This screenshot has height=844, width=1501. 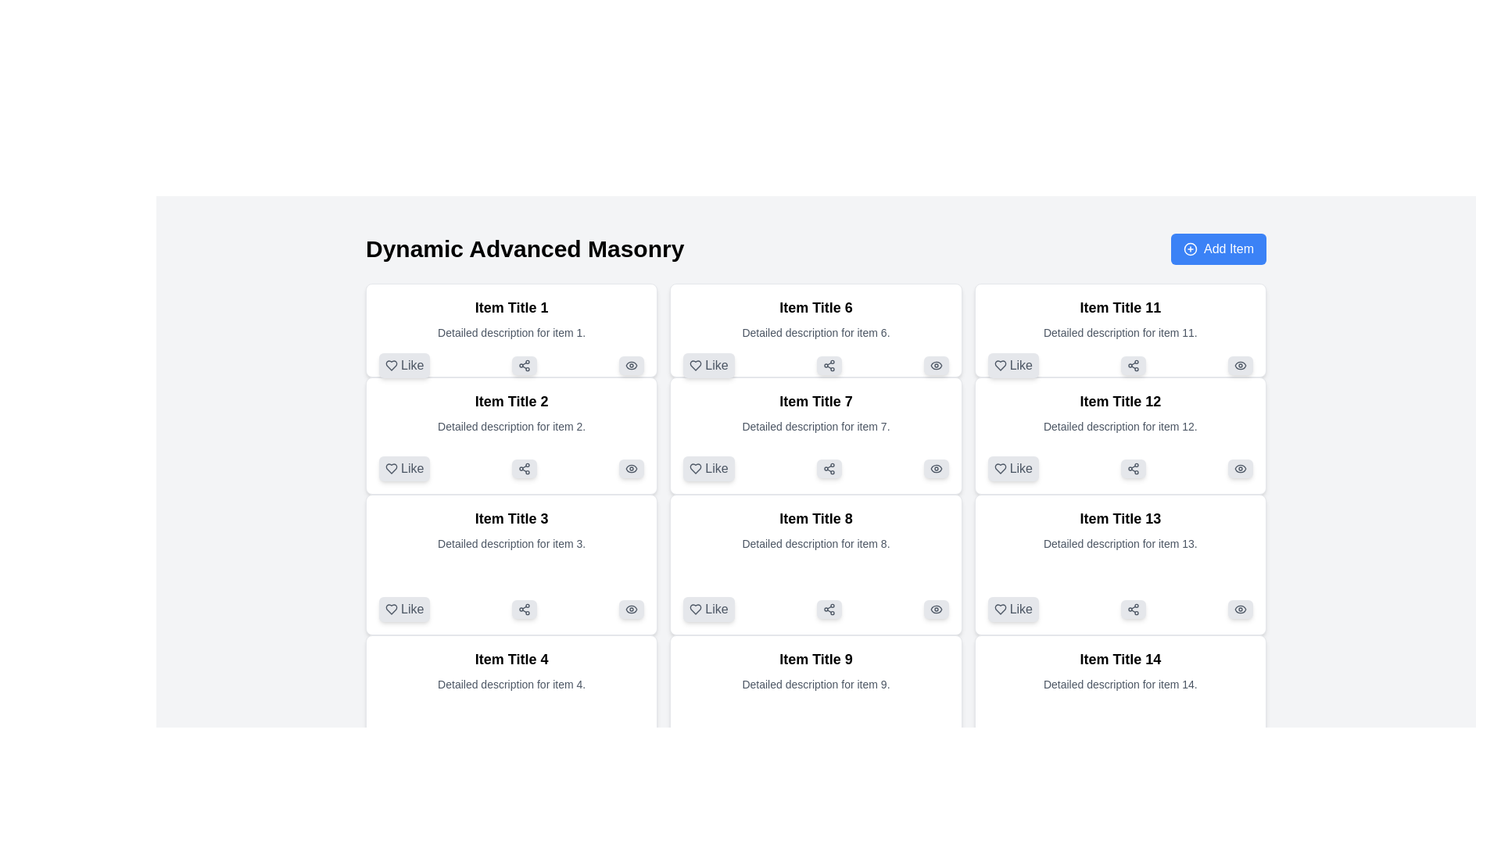 I want to click on the heart-shaped 'like' icon located within the 'Like' button of 'Item Title 6', so click(x=695, y=365).